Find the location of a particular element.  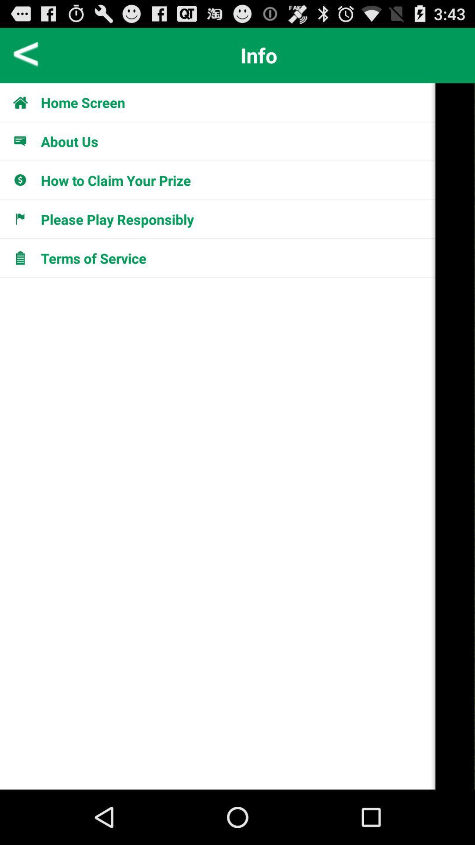

icon above the terms of service app is located at coordinates (25, 219).